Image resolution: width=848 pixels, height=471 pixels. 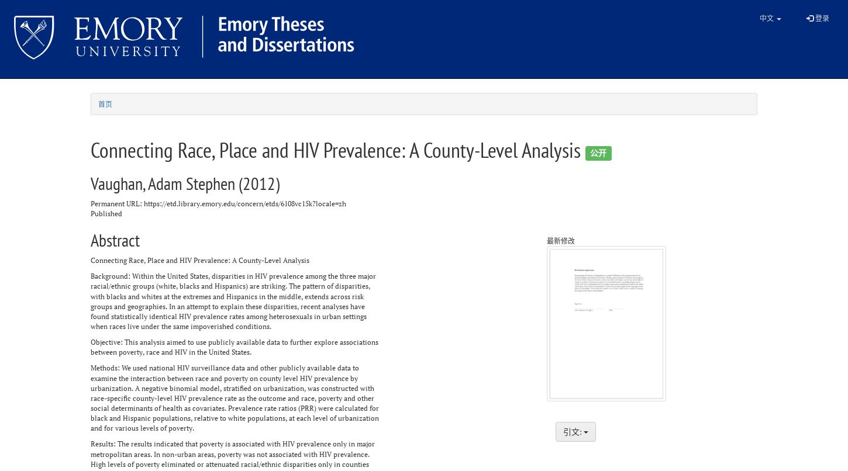 I want to click on 'Abstract', so click(x=115, y=240).